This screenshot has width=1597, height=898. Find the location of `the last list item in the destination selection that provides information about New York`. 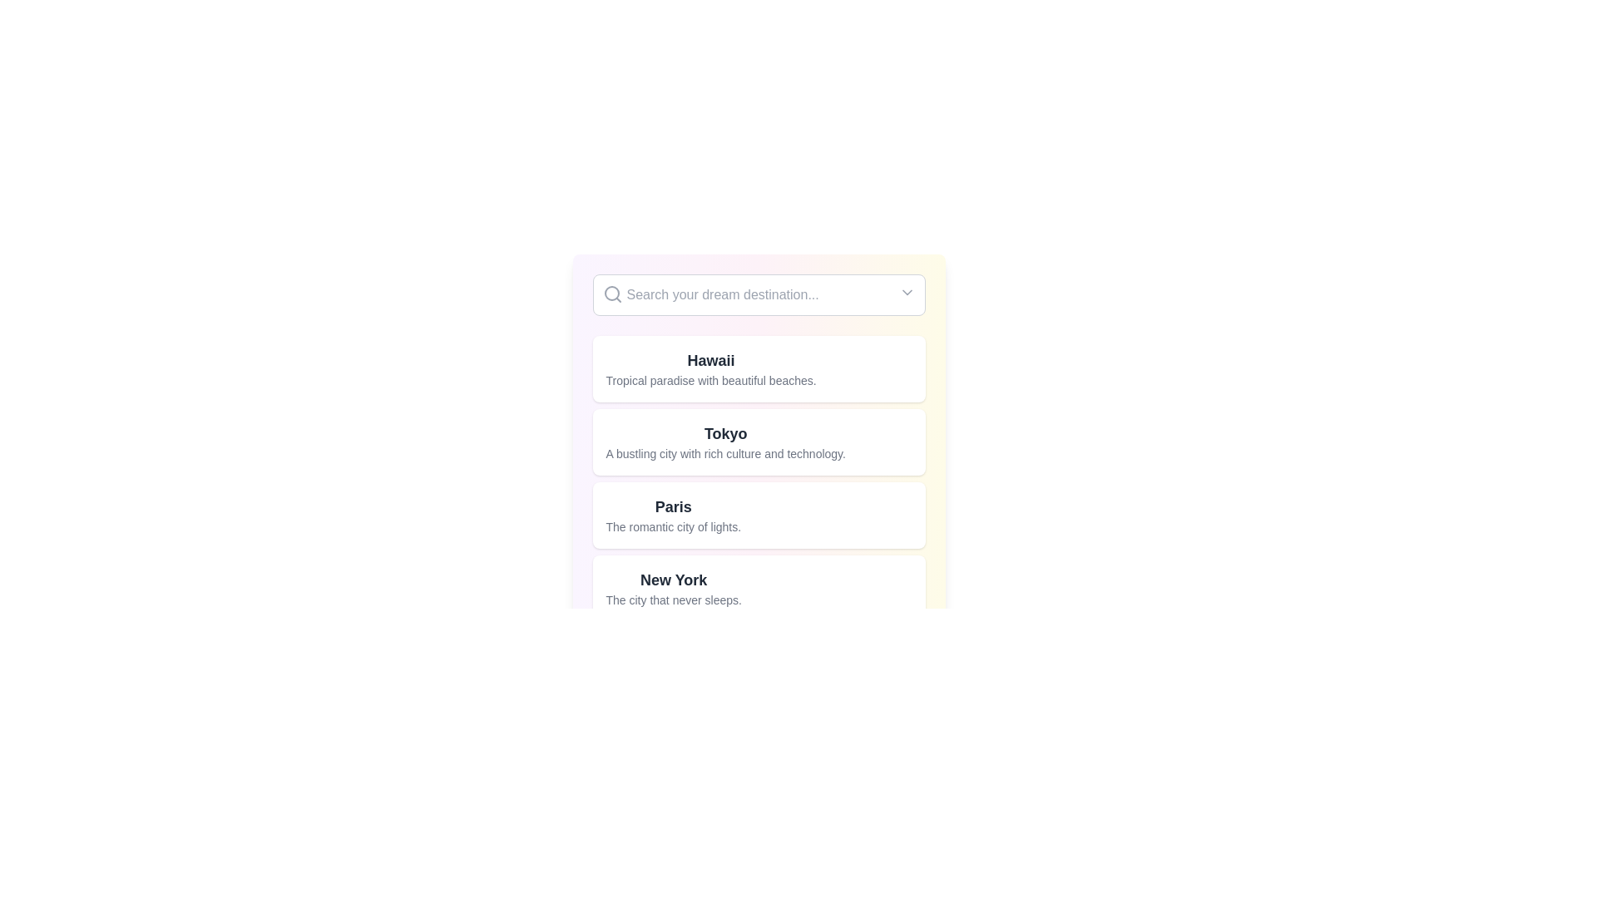

the last list item in the destination selection that provides information about New York is located at coordinates (674, 588).